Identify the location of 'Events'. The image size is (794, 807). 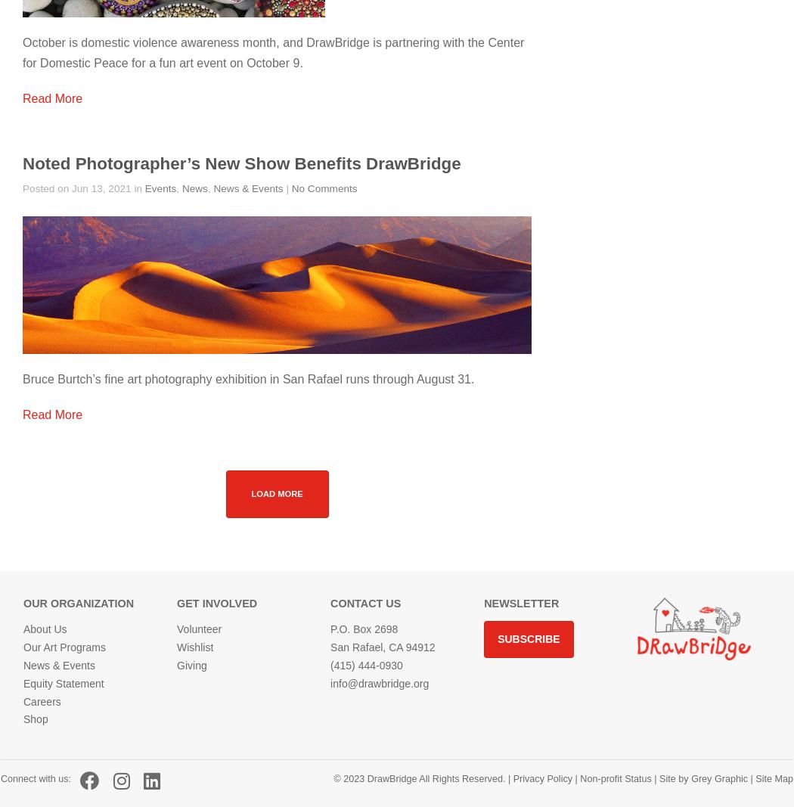
(159, 188).